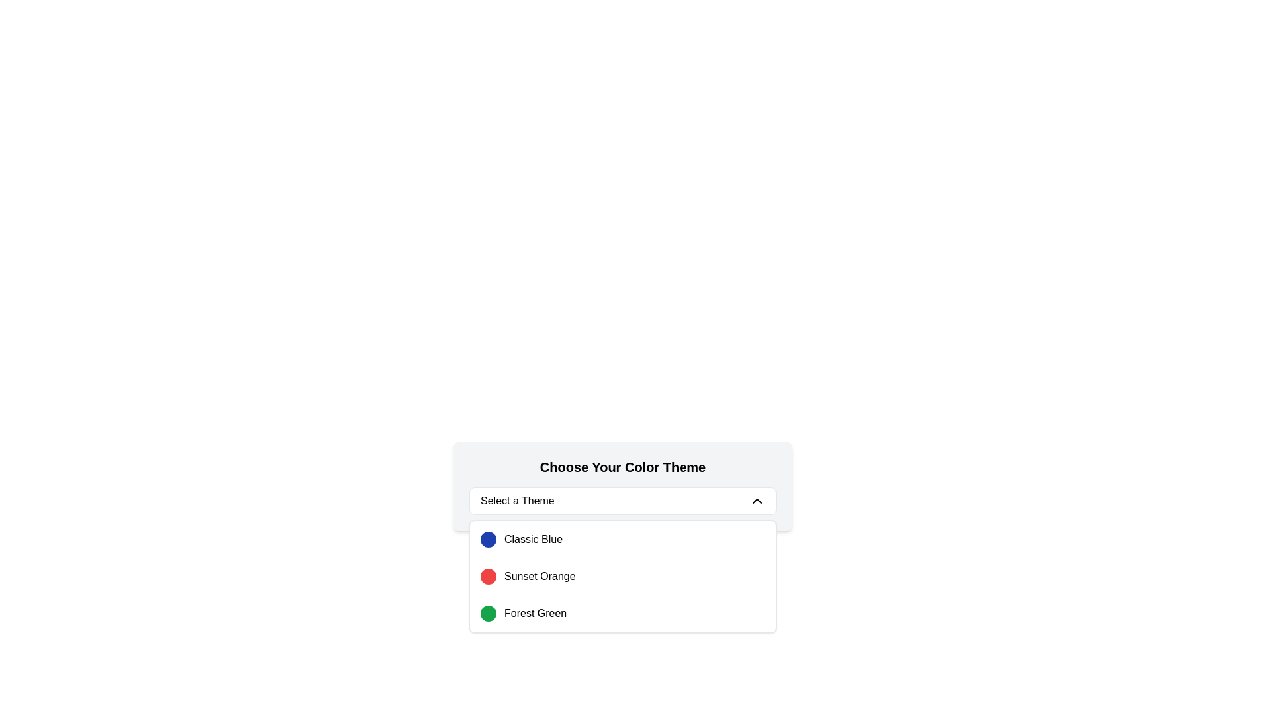 The height and width of the screenshot is (715, 1271). What do you see at coordinates (516, 501) in the screenshot?
I see `text displayed in the 'Select a Theme' label, which is in bold black font and centered within a white background area in the dropdown box` at bounding box center [516, 501].